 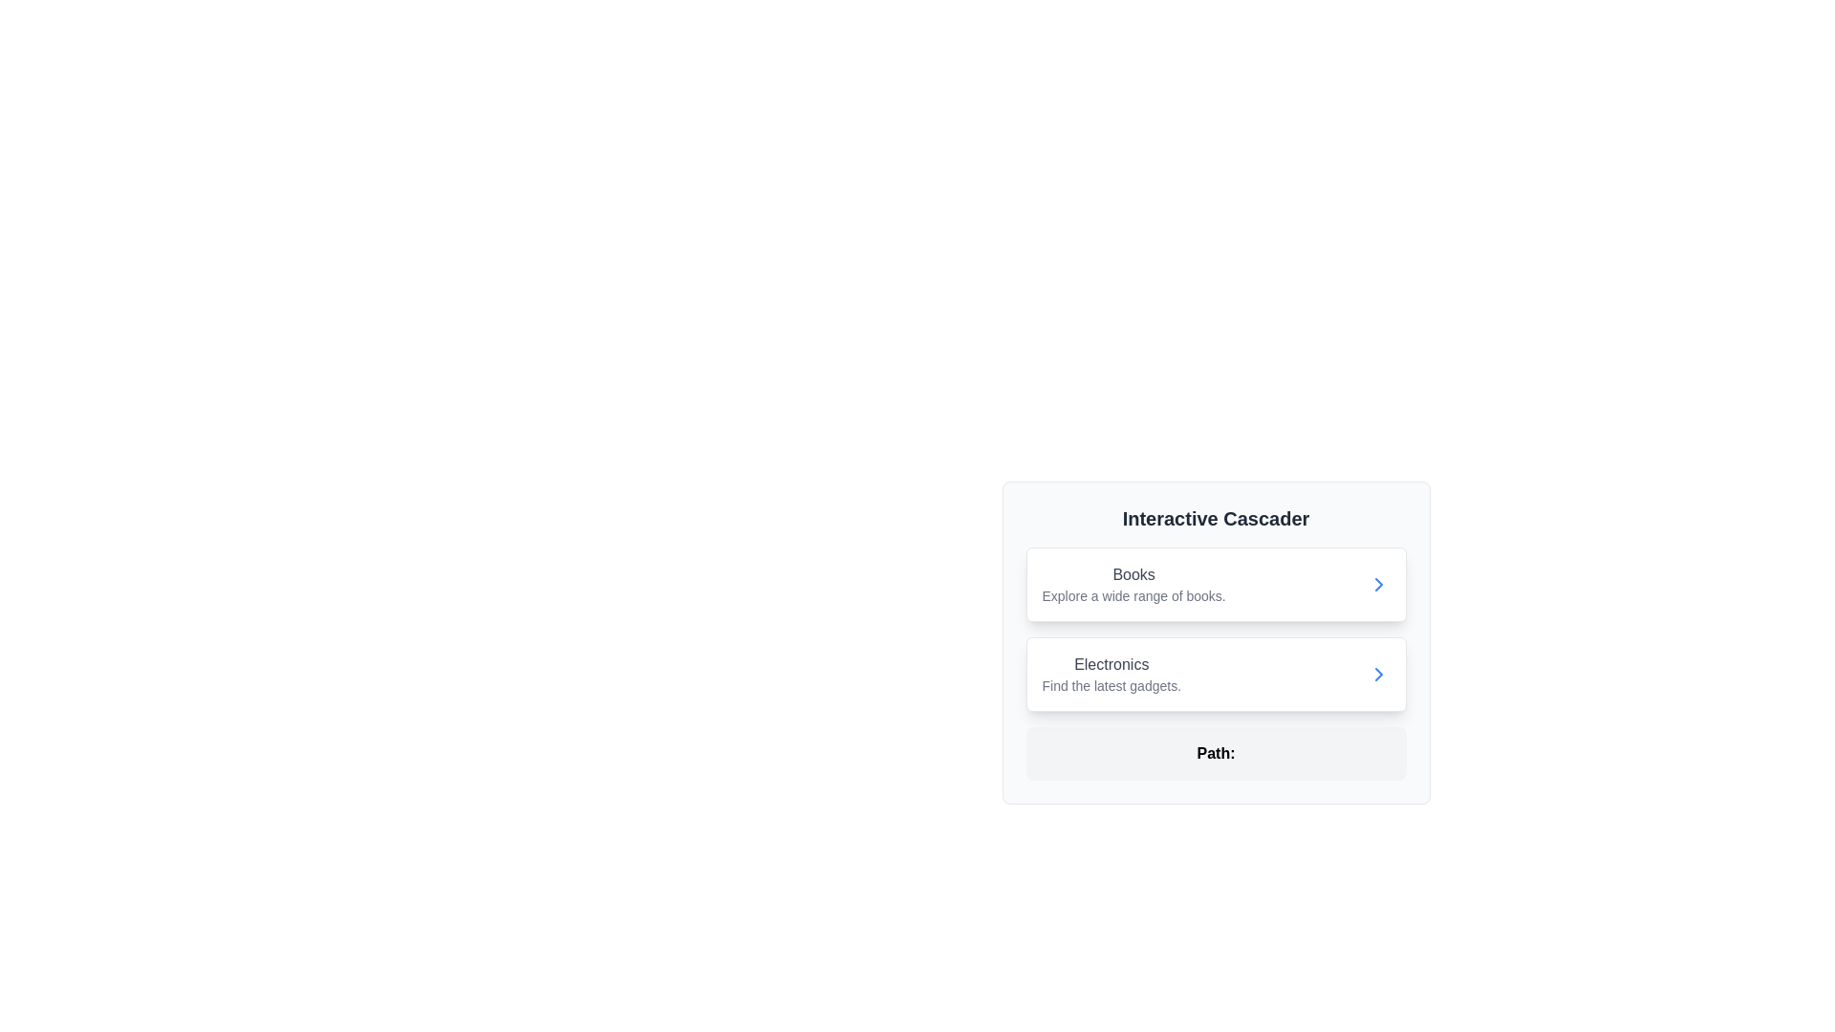 I want to click on the Text heading element that serves as a title for the interactive cascader component, positioned above the 'Books' and 'Electronics' sections, so click(x=1215, y=519).